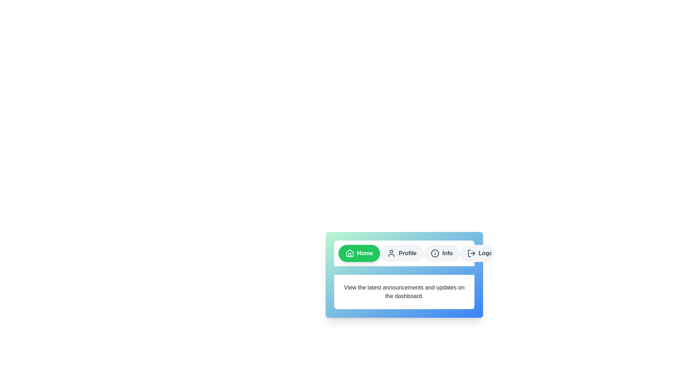 This screenshot has width=687, height=386. Describe the element at coordinates (391, 253) in the screenshot. I see `the user icon located within the 'Profile' button, which is positioned to the left of the text 'Profile' in the top navigation bar` at that location.